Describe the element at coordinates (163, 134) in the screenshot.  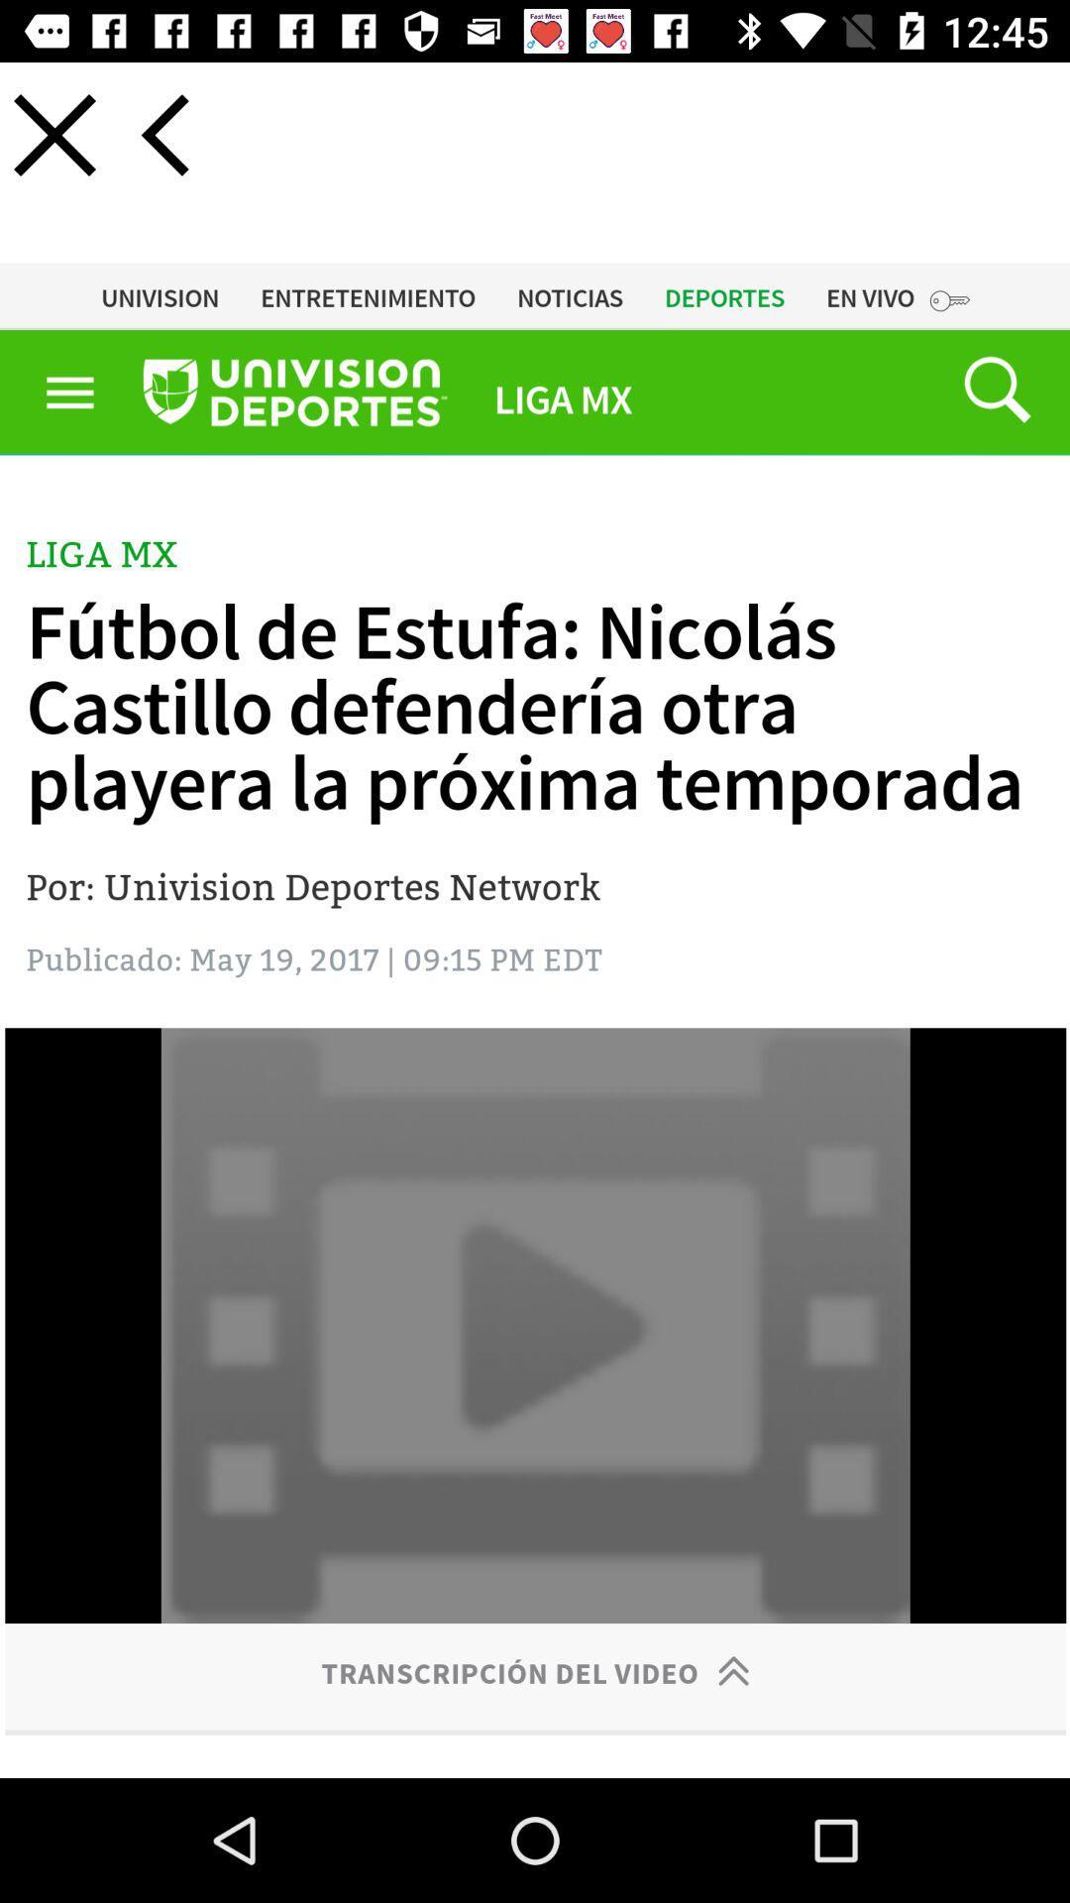
I see `previous` at that location.